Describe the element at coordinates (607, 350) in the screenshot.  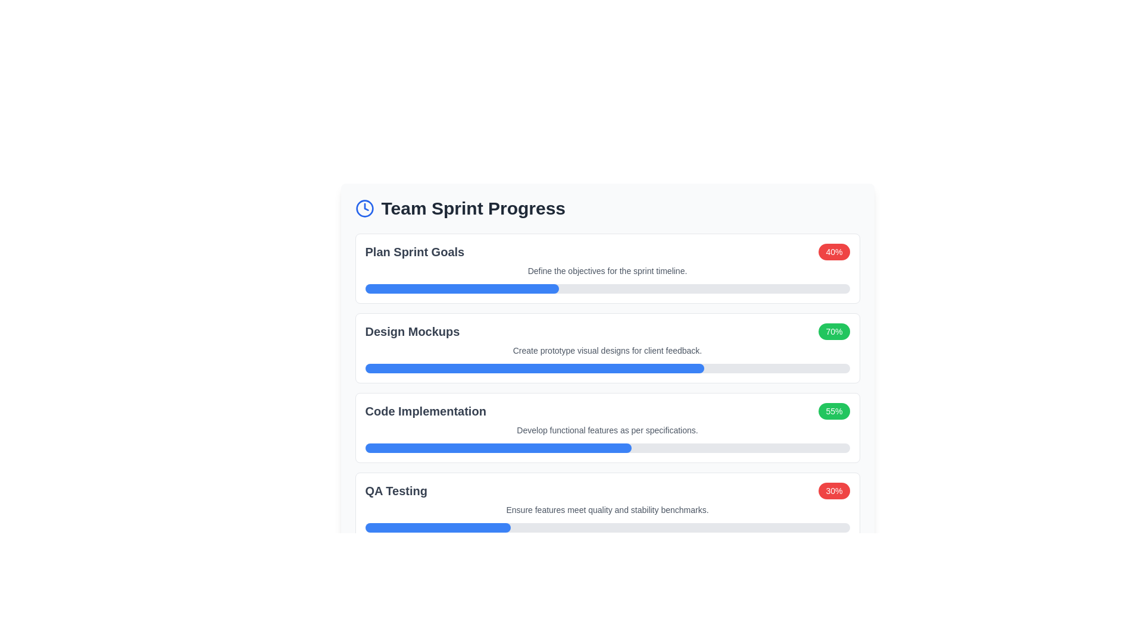
I see `the Textual Description element located in the 'Design Mockups' section, which provides additional details for the task, situated below the 'Design Mockups' title and above the progress bar` at that location.